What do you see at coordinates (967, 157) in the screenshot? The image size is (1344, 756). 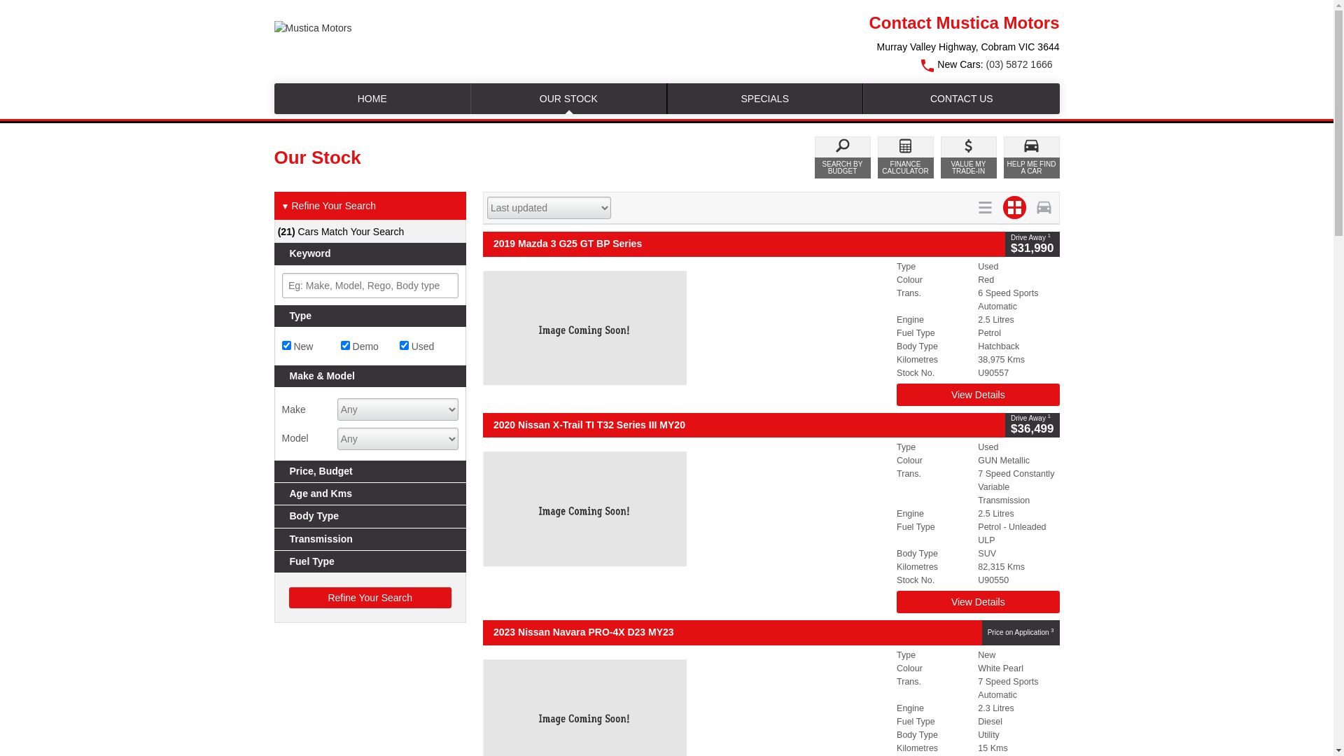 I see `'VALUE MY TRADE-IN'` at bounding box center [967, 157].